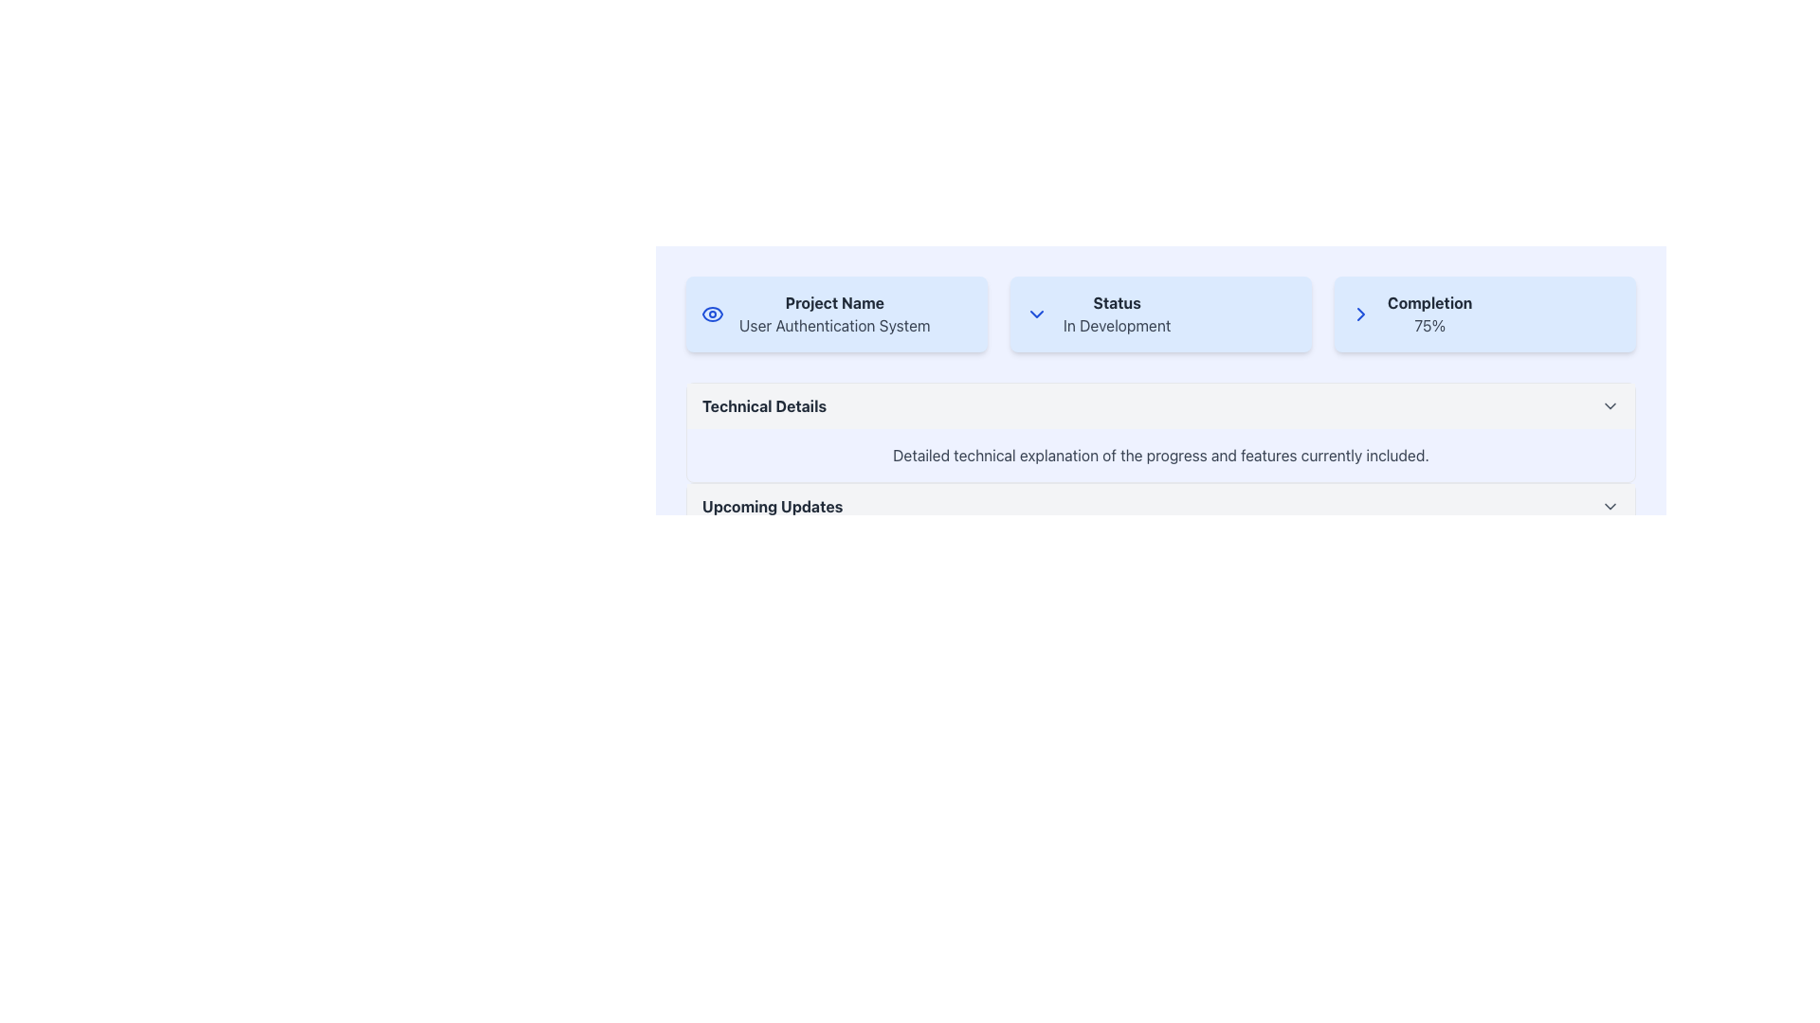  I want to click on the Text Display with Icon that has a light blue background and displays the title 'Status' in bold dark gray text, indicating 'In Development' with a downward-facing arrow icon on the left, so click(1159, 313).